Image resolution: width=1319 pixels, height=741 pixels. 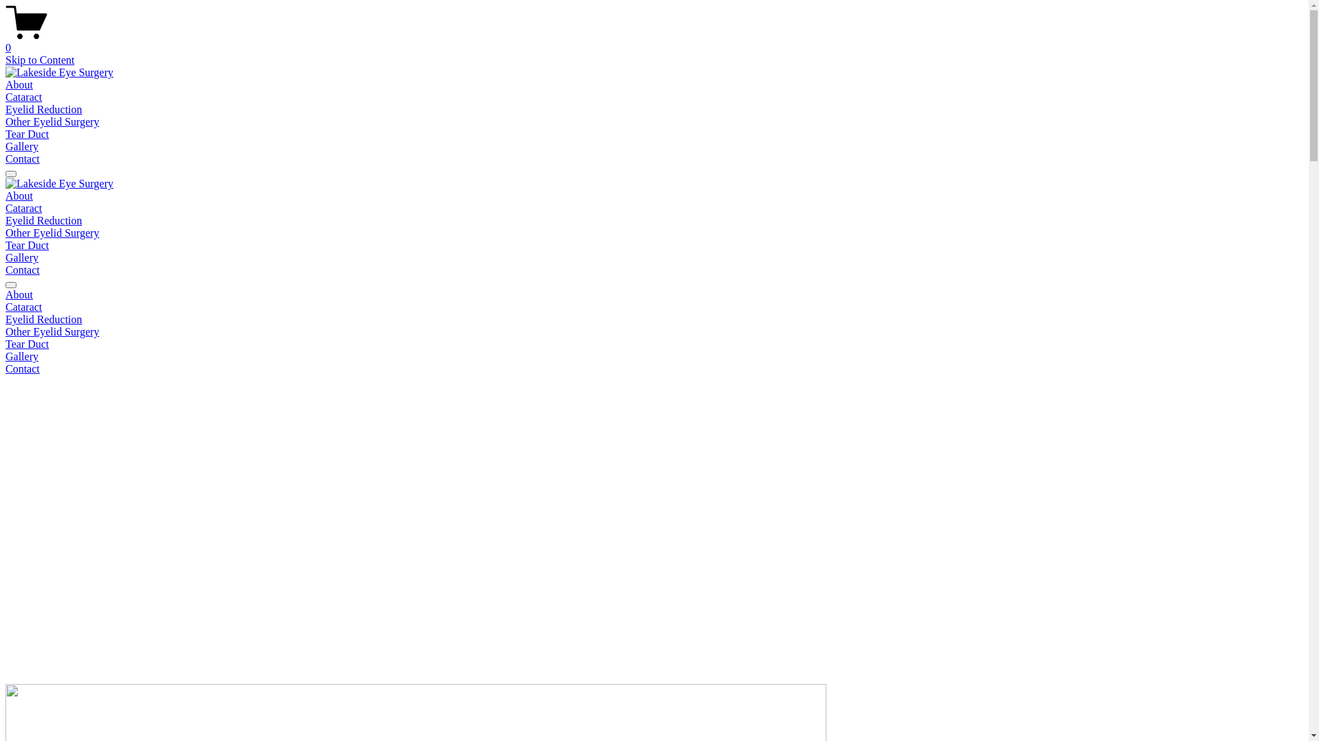 I want to click on 'Contact', so click(x=23, y=270).